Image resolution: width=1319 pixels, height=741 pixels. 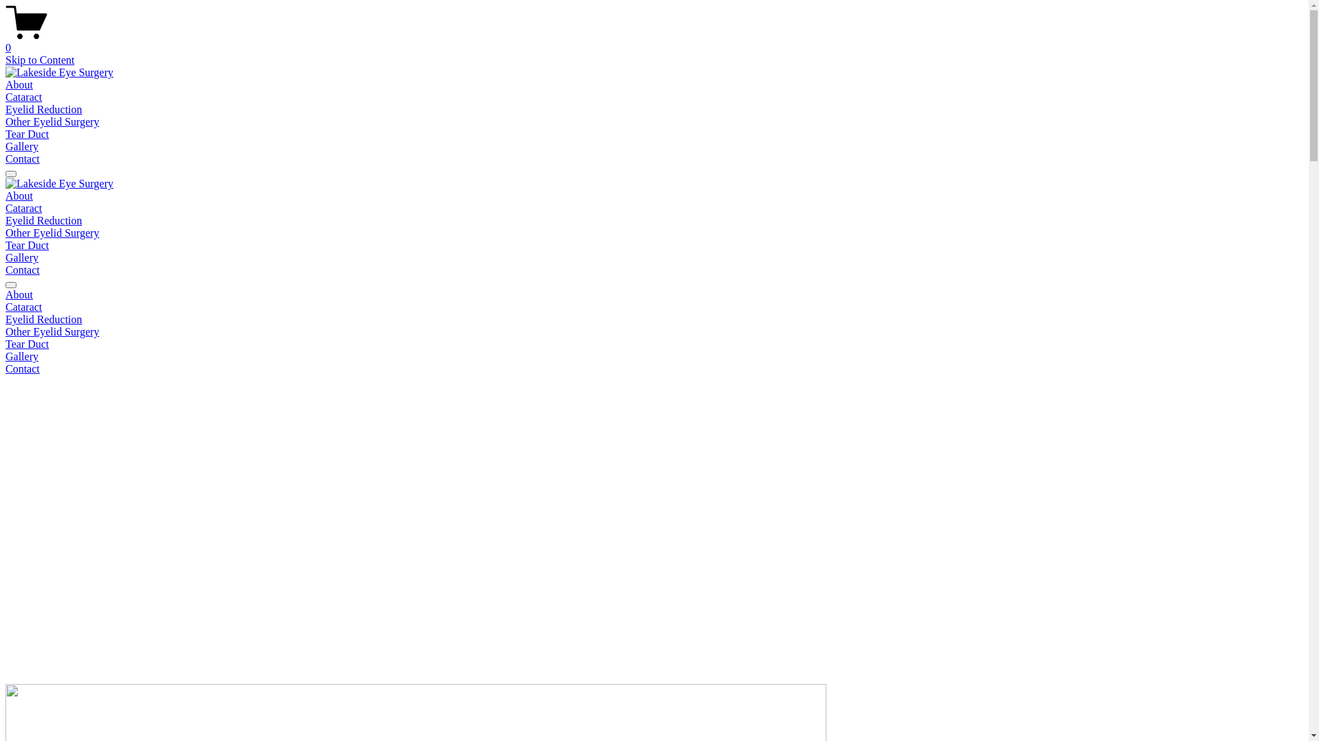 I want to click on 'Contact', so click(x=23, y=270).